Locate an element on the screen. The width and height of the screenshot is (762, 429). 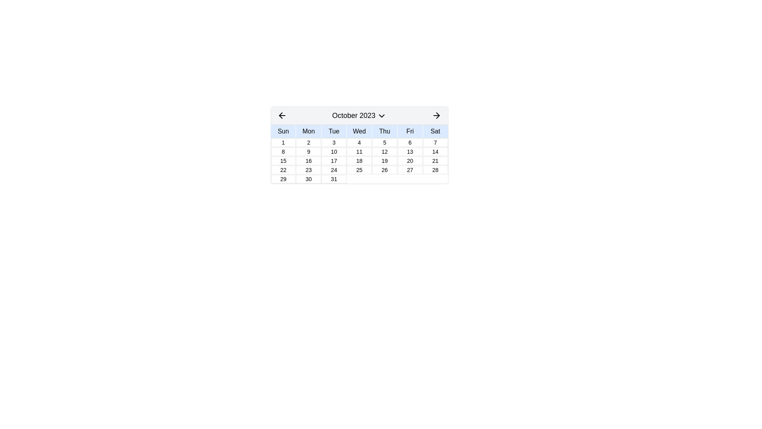
current month and year displayed in the calendar header, which is centrally positioned at the top of the interface, above the weekday abbreviations is located at coordinates (359, 116).